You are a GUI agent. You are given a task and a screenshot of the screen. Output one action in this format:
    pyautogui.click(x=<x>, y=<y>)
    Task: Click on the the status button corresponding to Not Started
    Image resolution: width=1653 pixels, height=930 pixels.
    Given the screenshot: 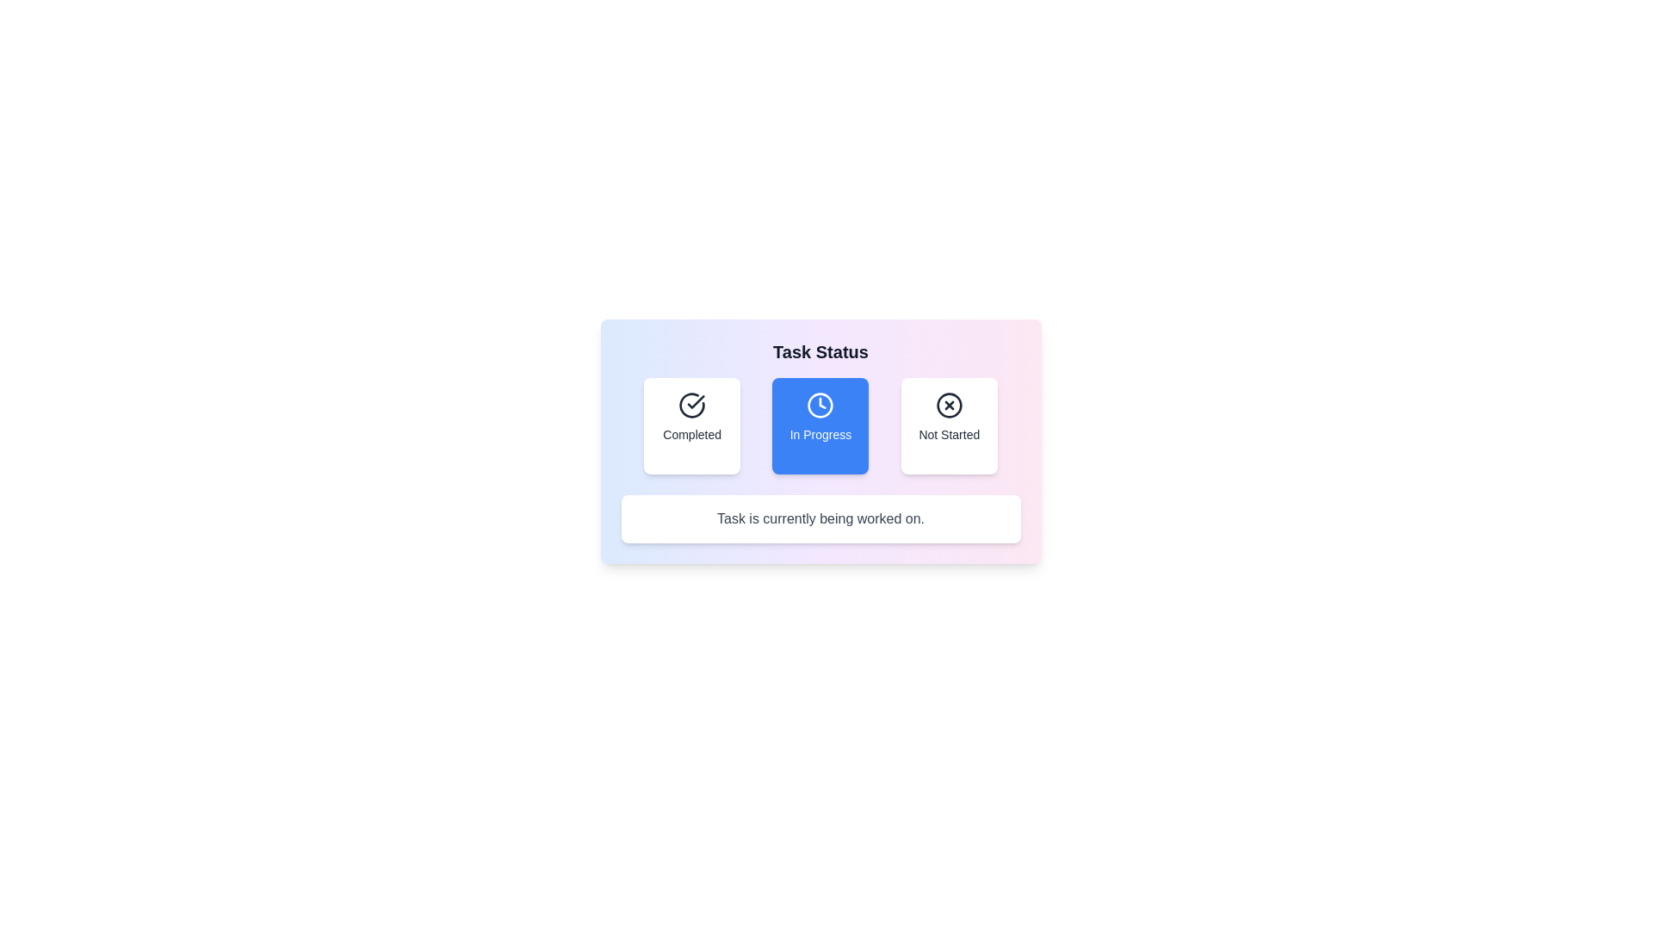 What is the action you would take?
    pyautogui.click(x=948, y=425)
    